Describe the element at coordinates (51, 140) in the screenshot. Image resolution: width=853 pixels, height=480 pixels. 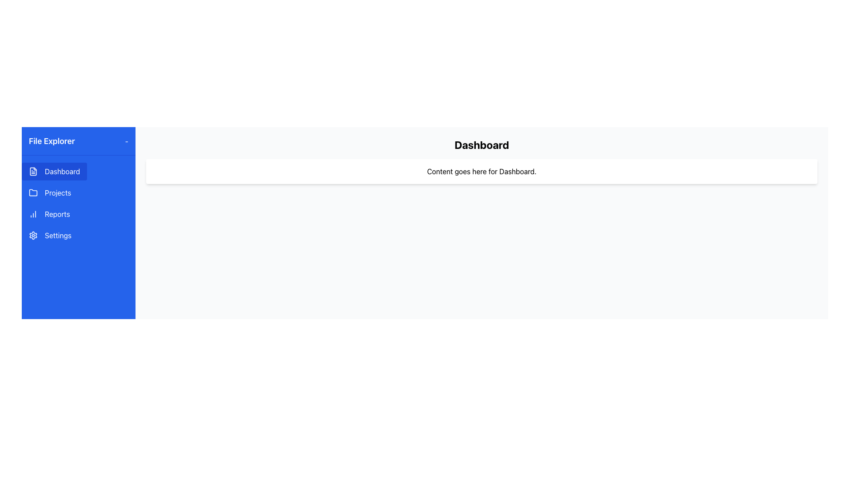
I see `text displayed in the 'File Explorer' text label located at the top section of the sidebar, aligned to the left margin` at that location.